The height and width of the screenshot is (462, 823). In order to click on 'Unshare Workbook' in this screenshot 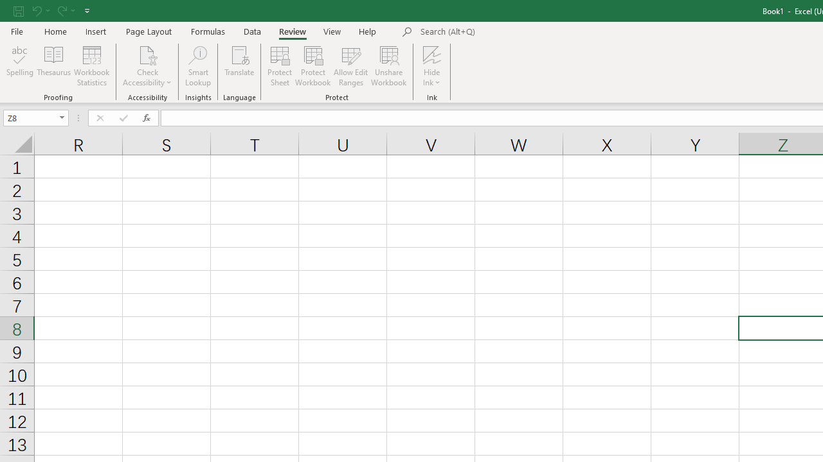, I will do `click(388, 66)`.